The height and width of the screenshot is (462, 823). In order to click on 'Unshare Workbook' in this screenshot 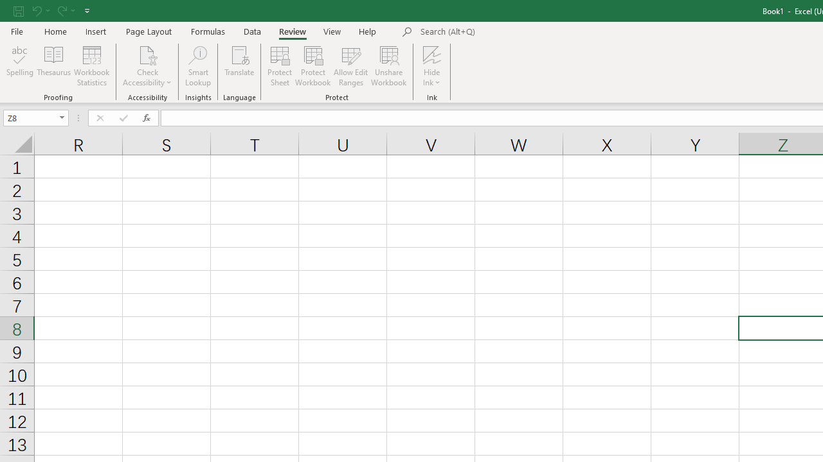, I will do `click(388, 66)`.